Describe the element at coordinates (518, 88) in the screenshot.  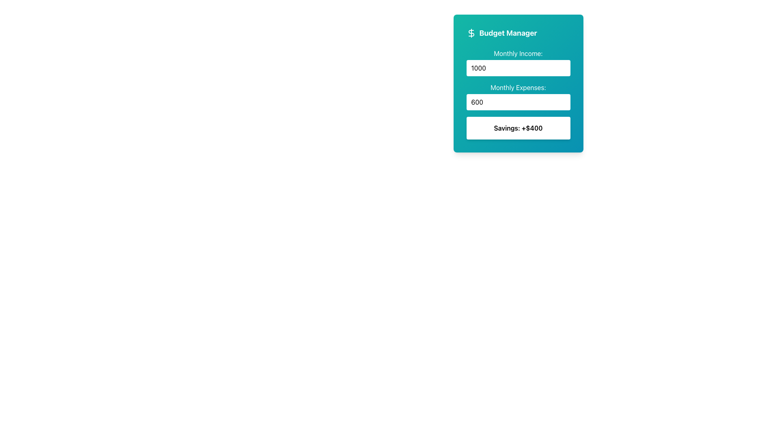
I see `the textual label that specifies users should input their monthly expenses, located above the number input field and beneath the 'Monthly Income:' label` at that location.